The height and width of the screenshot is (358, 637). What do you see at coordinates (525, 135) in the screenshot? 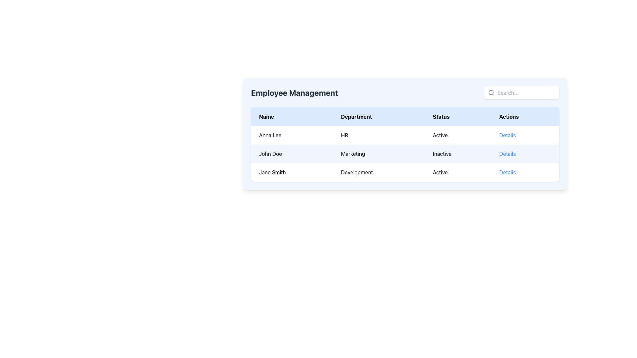
I see `the blue hyperlink labeled 'Details' in the 'Actions' column of the row for 'Anna Lee'` at bounding box center [525, 135].